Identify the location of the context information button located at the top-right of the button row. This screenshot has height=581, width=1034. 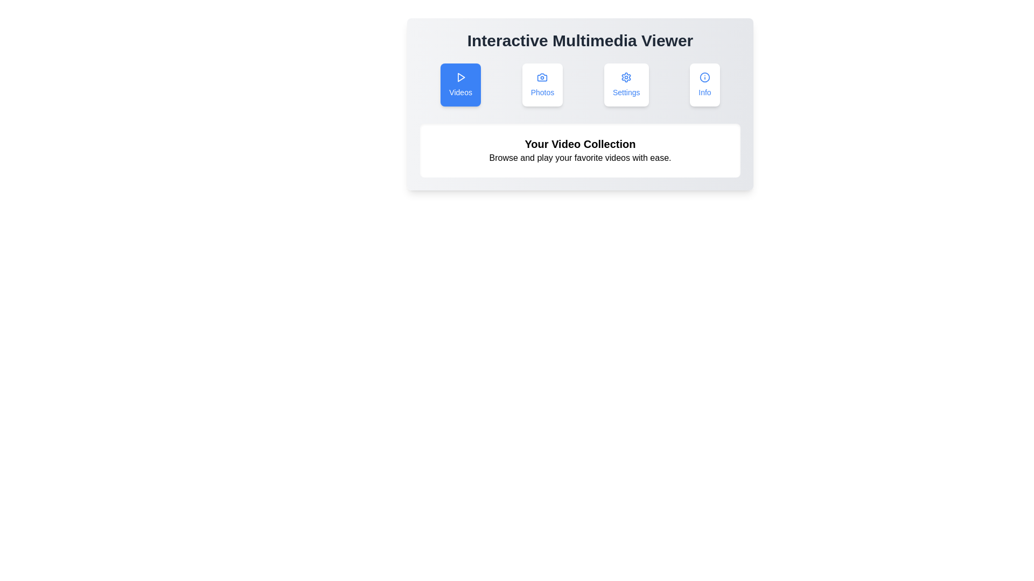
(704, 84).